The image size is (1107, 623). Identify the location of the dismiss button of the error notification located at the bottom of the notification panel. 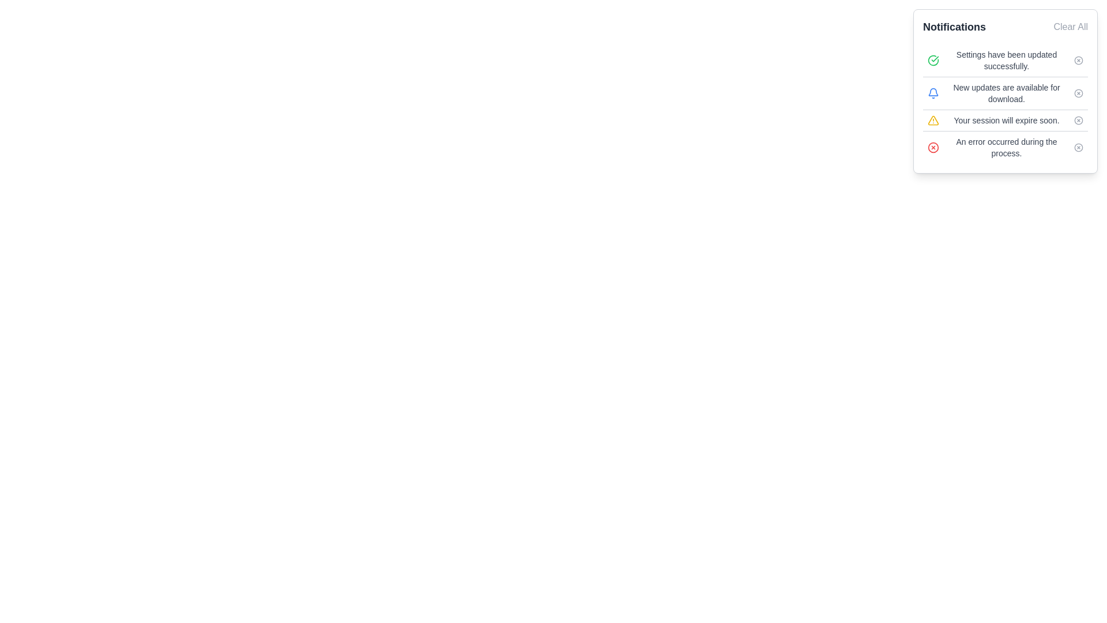
(1004, 147).